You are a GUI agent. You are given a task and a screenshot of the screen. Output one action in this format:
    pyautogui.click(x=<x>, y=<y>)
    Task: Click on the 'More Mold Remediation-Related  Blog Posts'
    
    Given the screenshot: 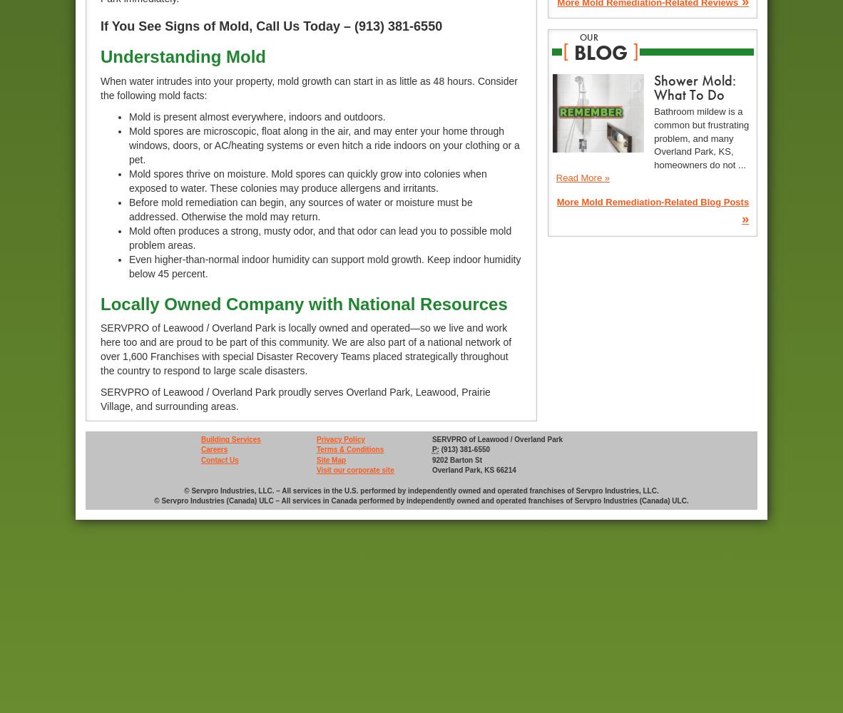 What is the action you would take?
    pyautogui.click(x=652, y=201)
    